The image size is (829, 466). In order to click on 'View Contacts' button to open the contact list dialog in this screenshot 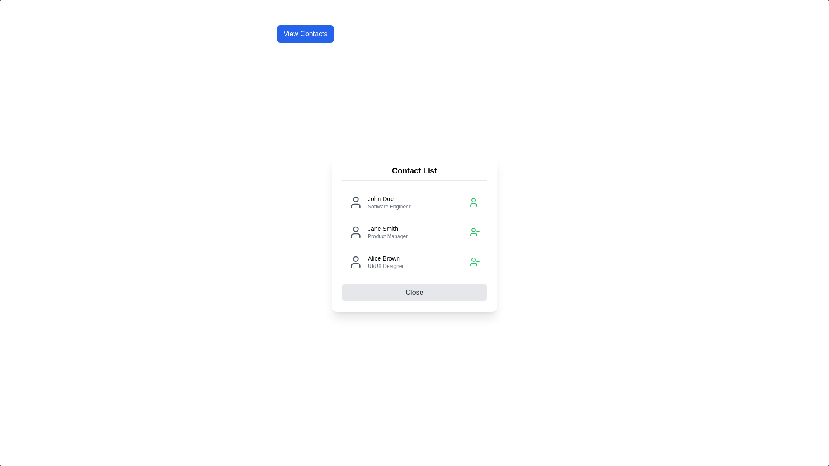, I will do `click(305, 33)`.